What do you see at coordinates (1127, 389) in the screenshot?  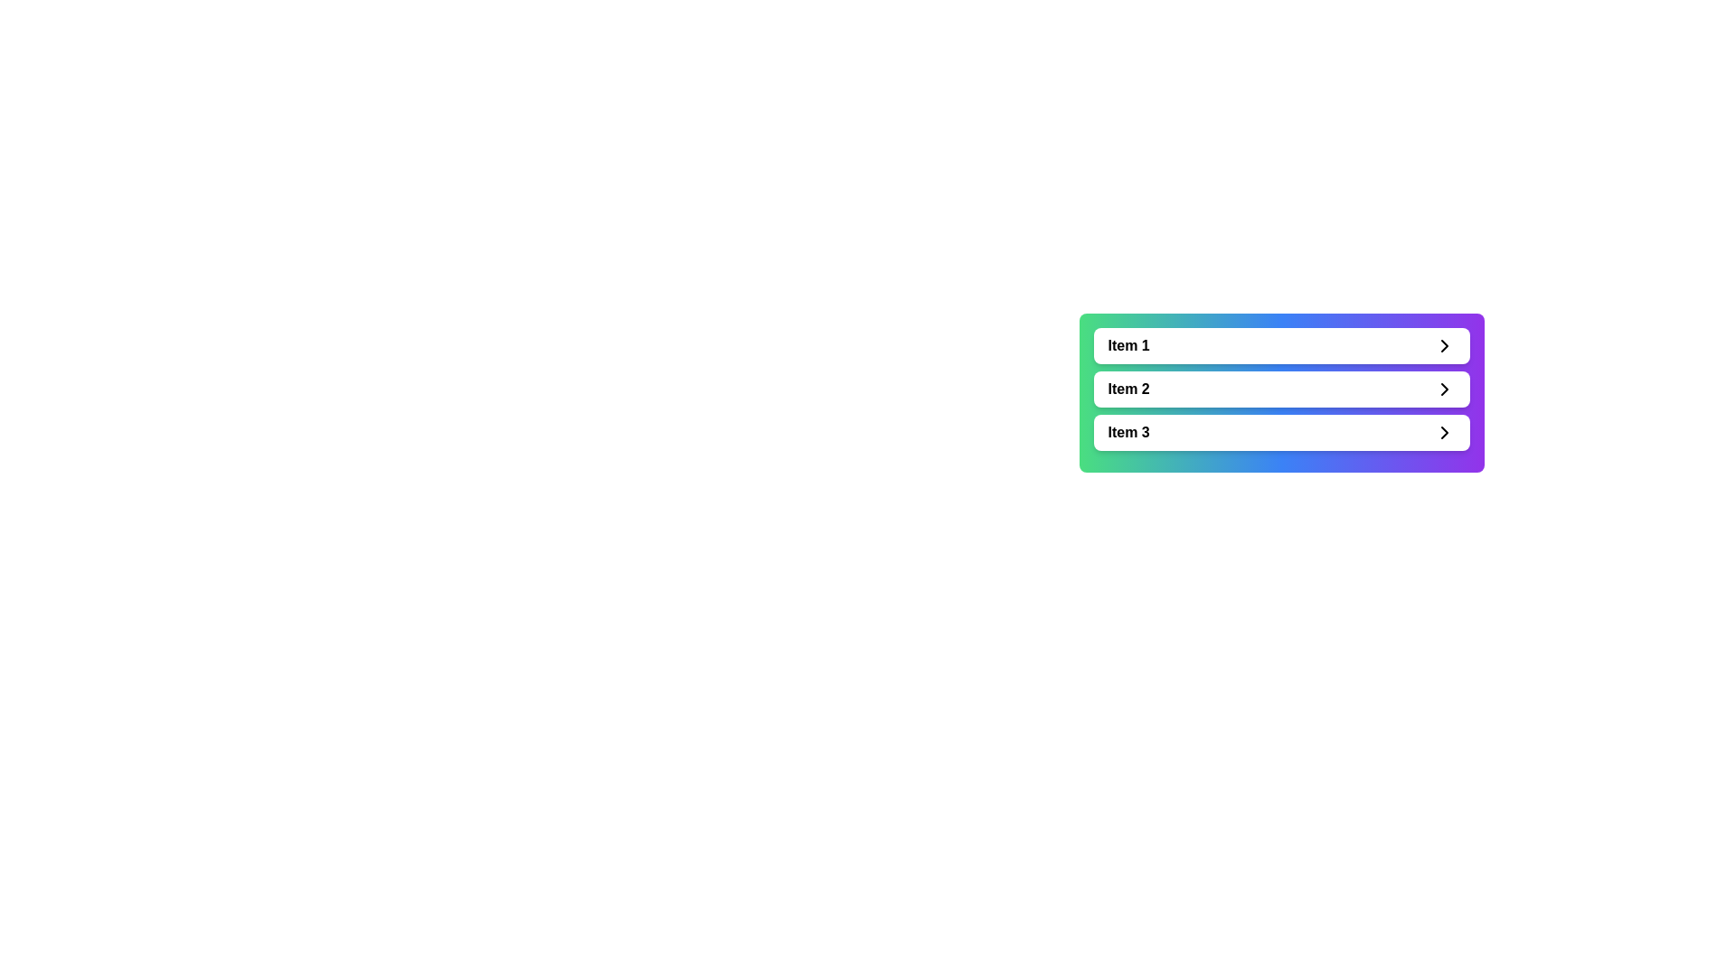 I see `text of the second item in a vertical list labeled 'Item 2', located between 'Item 1' and 'Item 3'` at bounding box center [1127, 389].